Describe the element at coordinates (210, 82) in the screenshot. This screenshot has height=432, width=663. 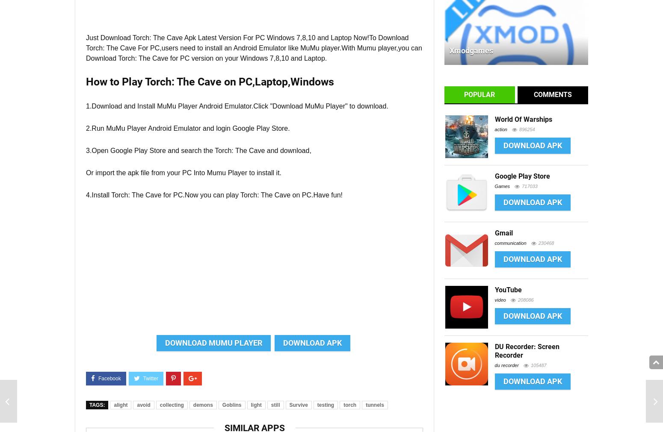
I see `'How to Play Torch: The Cave on PC,Laptop,Windows'` at that location.